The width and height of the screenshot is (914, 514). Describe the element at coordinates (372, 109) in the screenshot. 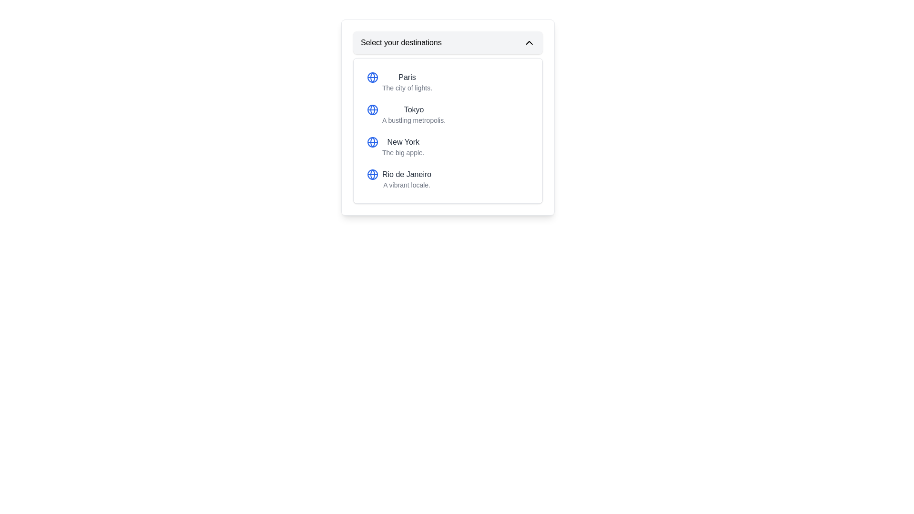

I see `the globe icon with a blue color and circular outline located at the beginning of the list item labeled 'Tokyo: A bustling metropolis.'` at that location.